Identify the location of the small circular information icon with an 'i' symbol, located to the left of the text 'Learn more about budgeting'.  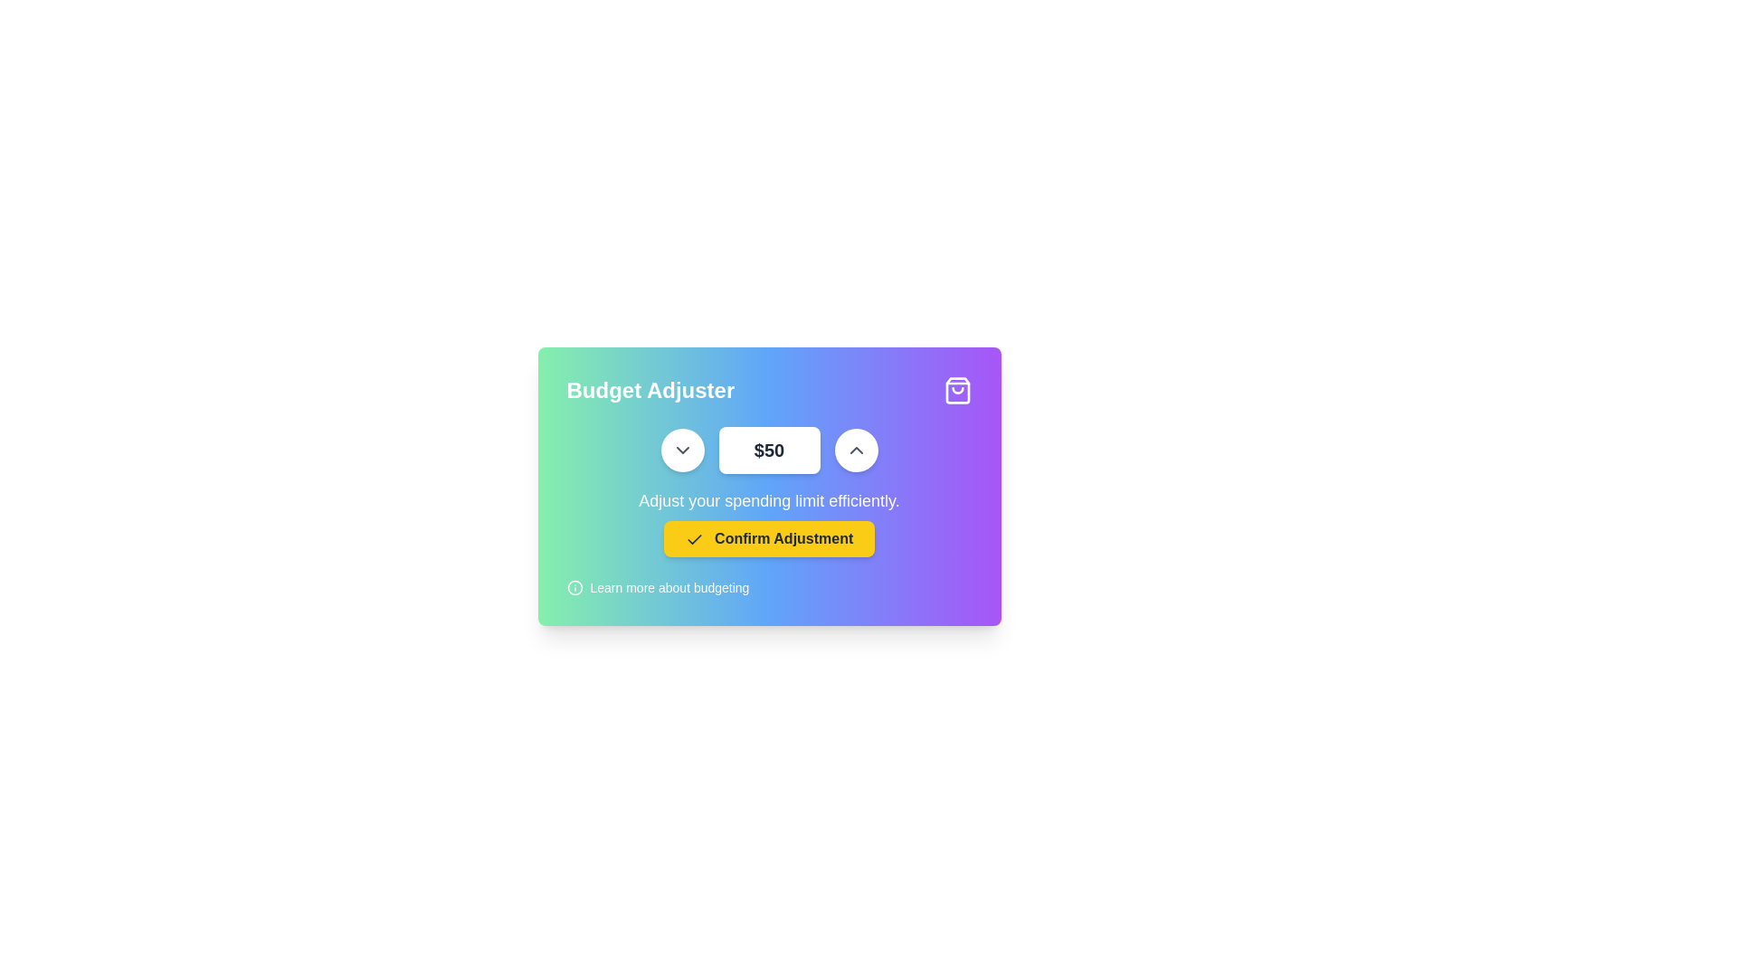
(574, 588).